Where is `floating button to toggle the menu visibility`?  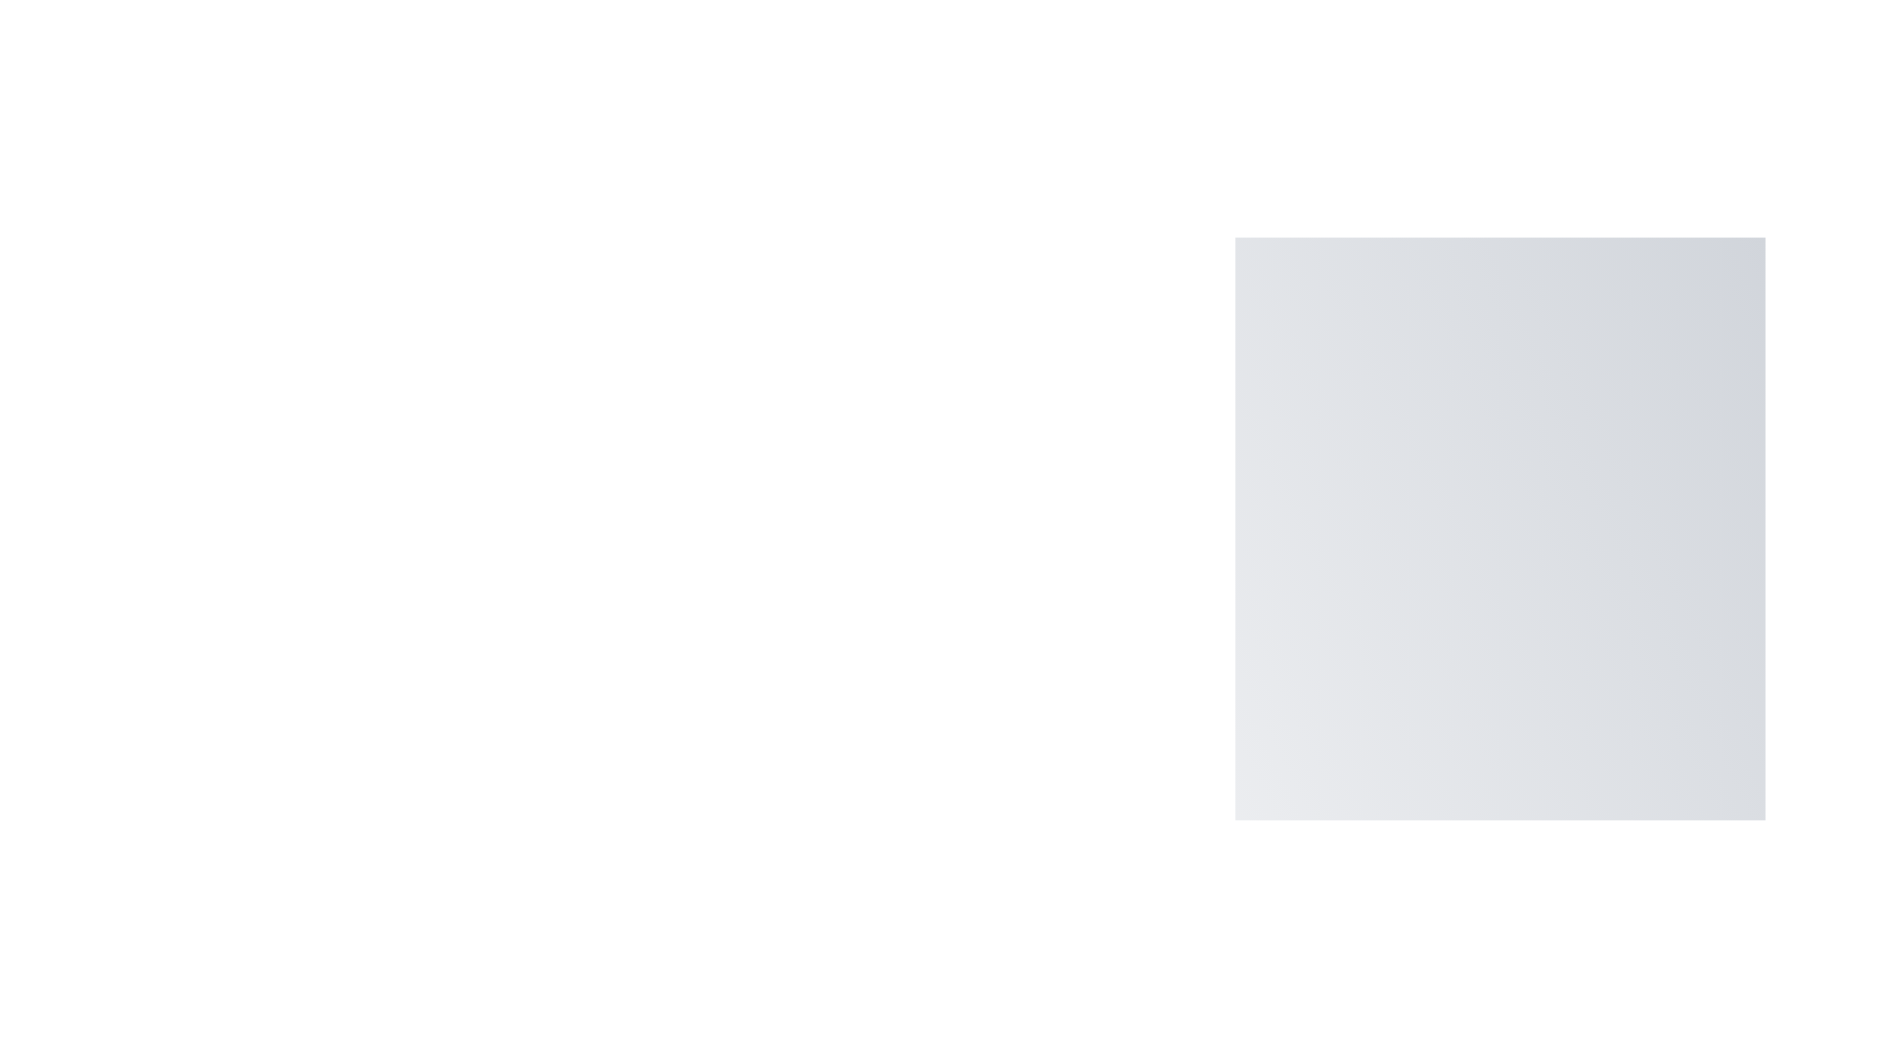 floating button to toggle the menu visibility is located at coordinates (1646, 925).